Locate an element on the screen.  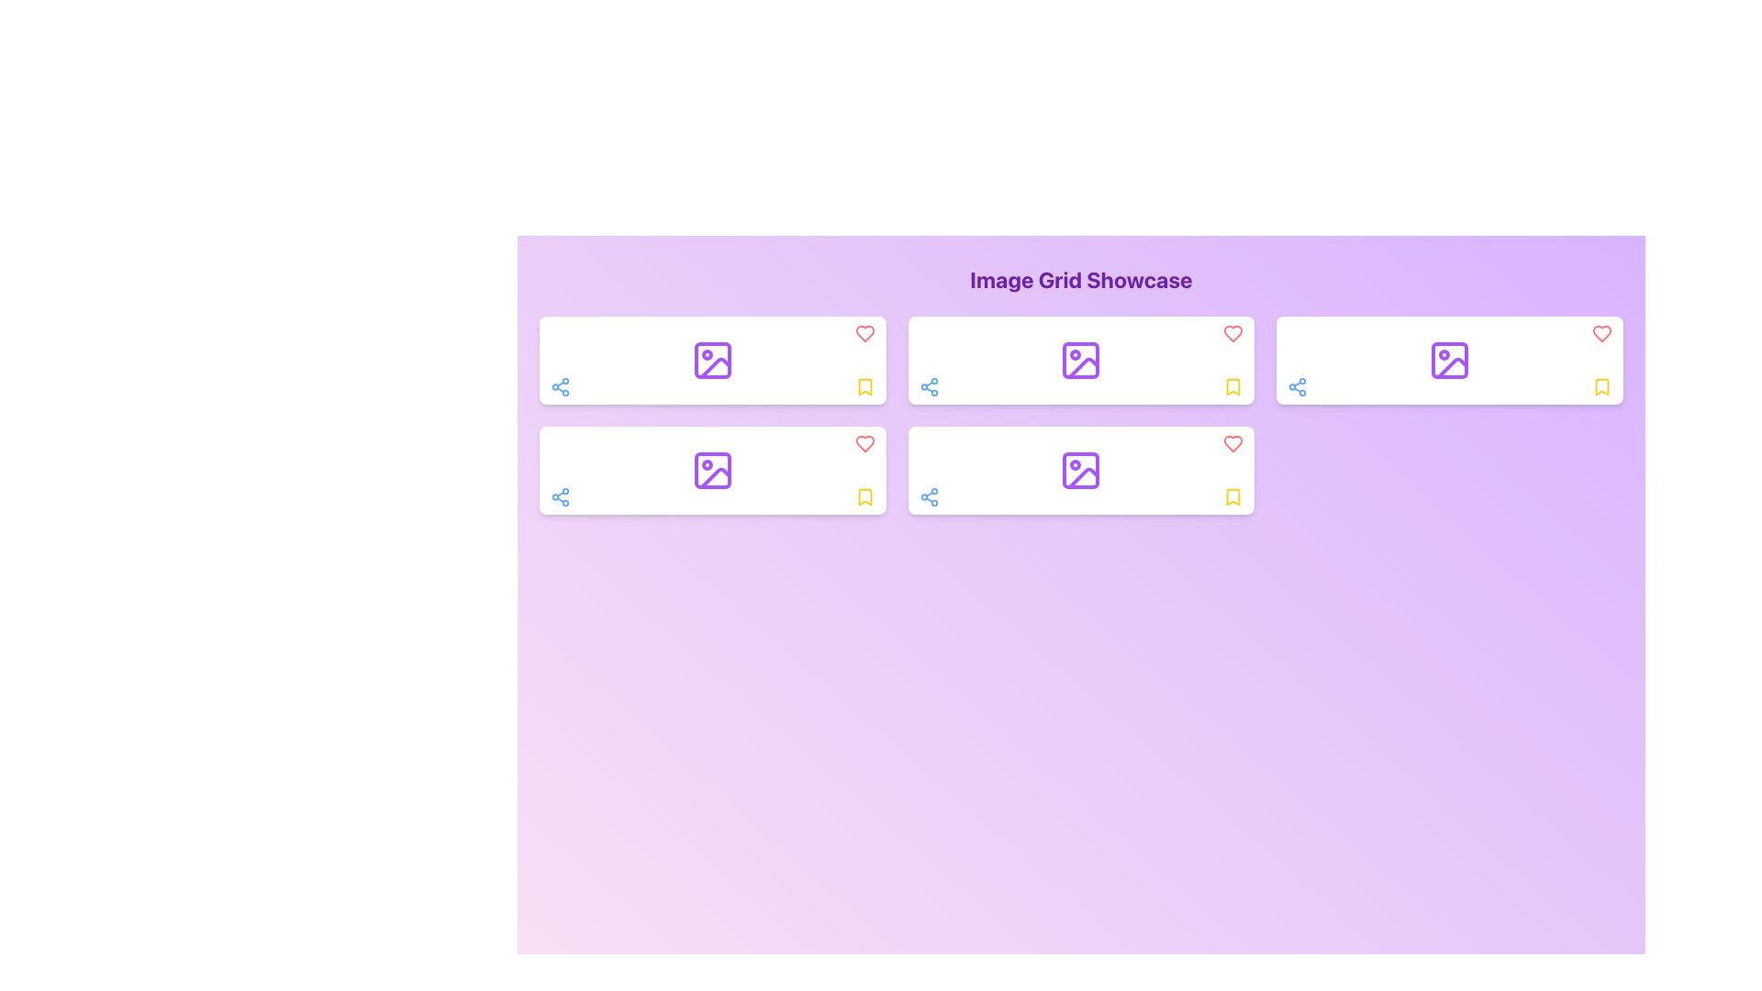
the purple rectangle with rounded corners, which is part of a larger photograph icon located in the top-right corner of the fifth card in a grid layout is located at coordinates (1449, 361).